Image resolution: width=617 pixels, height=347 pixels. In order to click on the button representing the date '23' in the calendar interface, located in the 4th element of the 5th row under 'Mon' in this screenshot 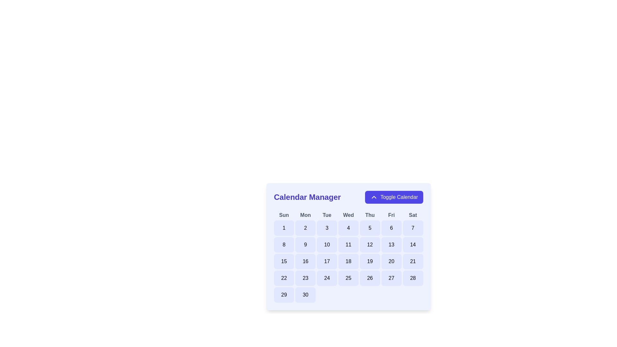, I will do `click(305, 278)`.